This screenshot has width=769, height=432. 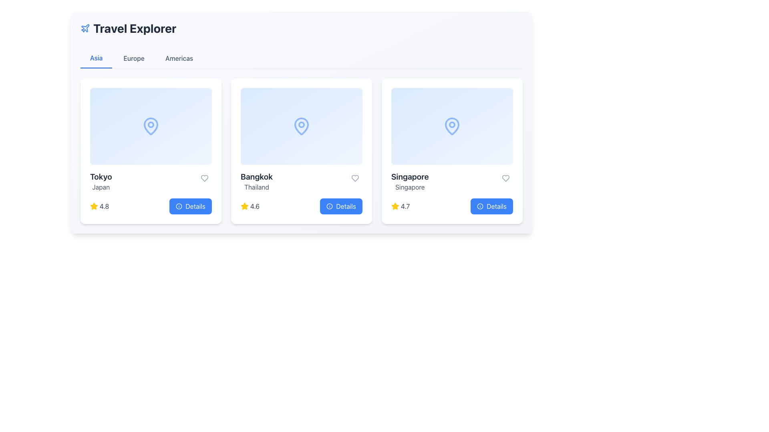 What do you see at coordinates (301, 126) in the screenshot?
I see `the map pin icon located in the second card under the 'Asia' tab of the 'Travel Explorer' section, which serves as a visual indicator for location-related functionality for 'Bangkok, Thailand'` at bounding box center [301, 126].